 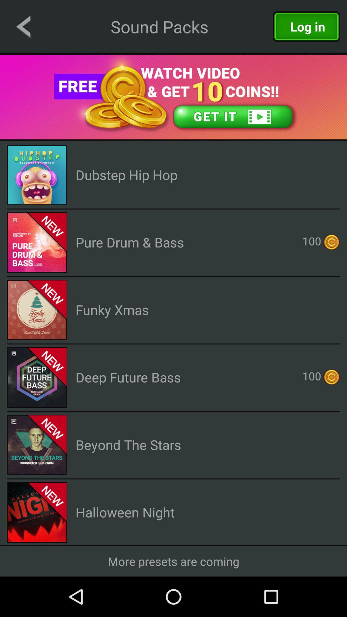 I want to click on open video, so click(x=173, y=97).